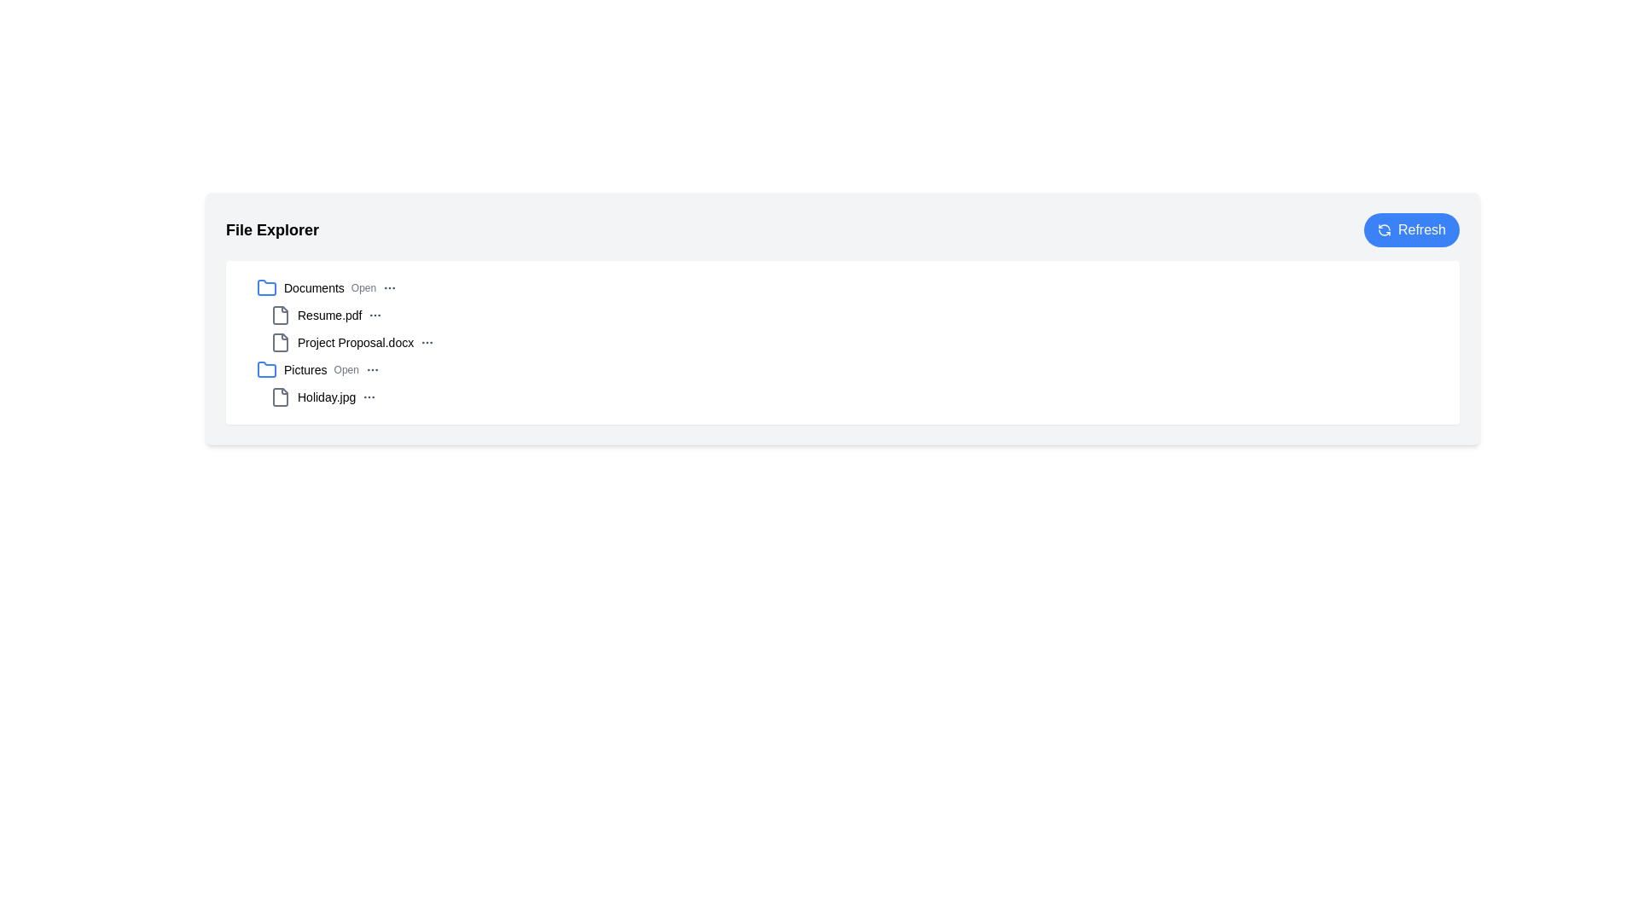  Describe the element at coordinates (281, 316) in the screenshot. I see `the document file icon, which has a light gray outline and a folded upper-right corner, located to the left of the 'Resume.pdf' label in the second row of the 'File Explorer' interface` at that location.